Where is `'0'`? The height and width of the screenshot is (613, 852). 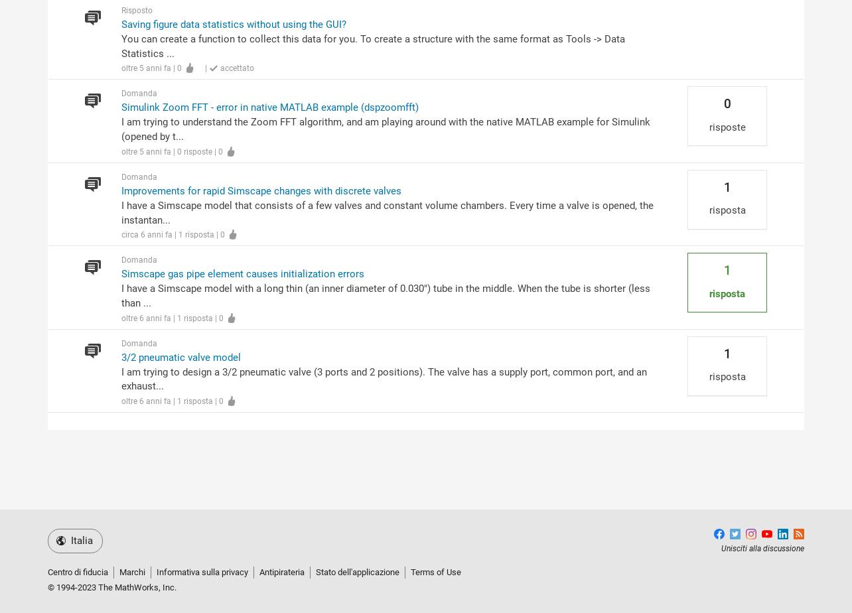 '0' is located at coordinates (727, 103).